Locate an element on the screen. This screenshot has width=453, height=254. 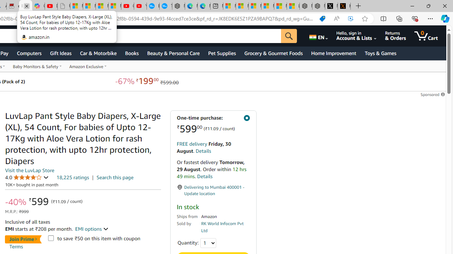
'Day 1: Arriving in Yemen (surreal to be here) - YouTube' is located at coordinates (51, 6).